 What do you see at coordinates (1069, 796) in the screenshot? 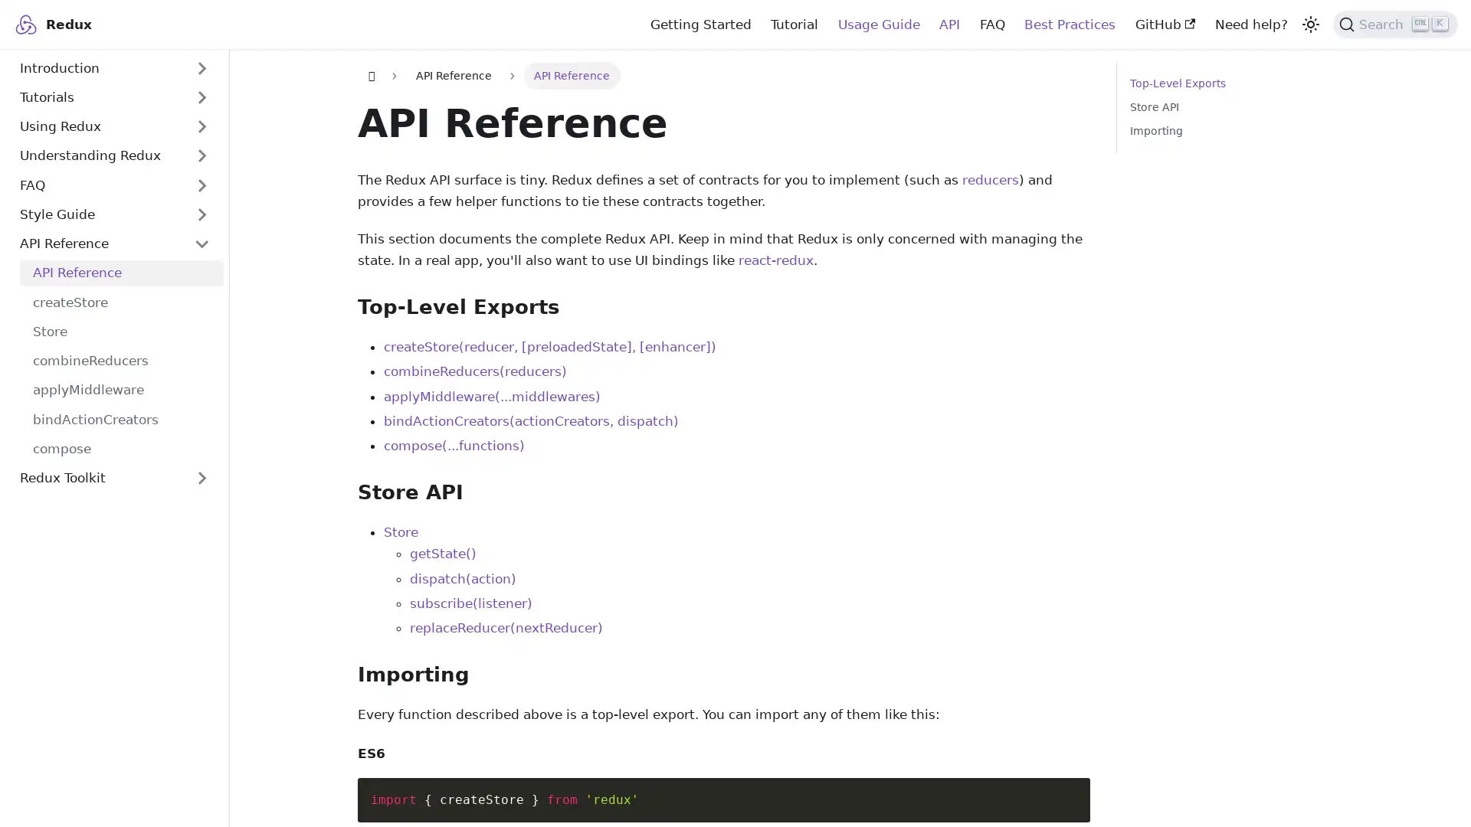
I see `Copy code to clipboard` at bounding box center [1069, 796].